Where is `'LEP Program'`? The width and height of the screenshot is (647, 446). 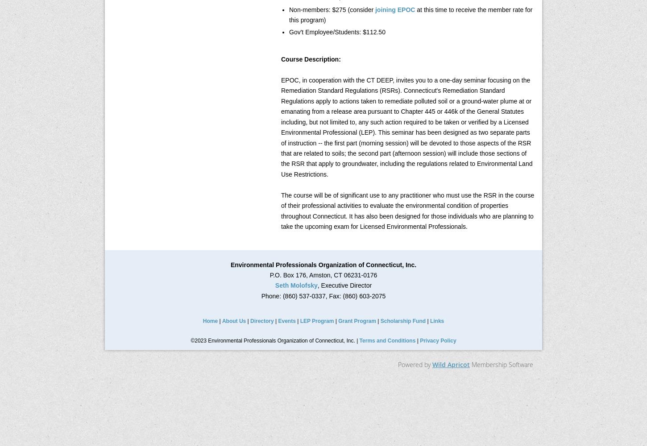 'LEP Program' is located at coordinates (316, 321).